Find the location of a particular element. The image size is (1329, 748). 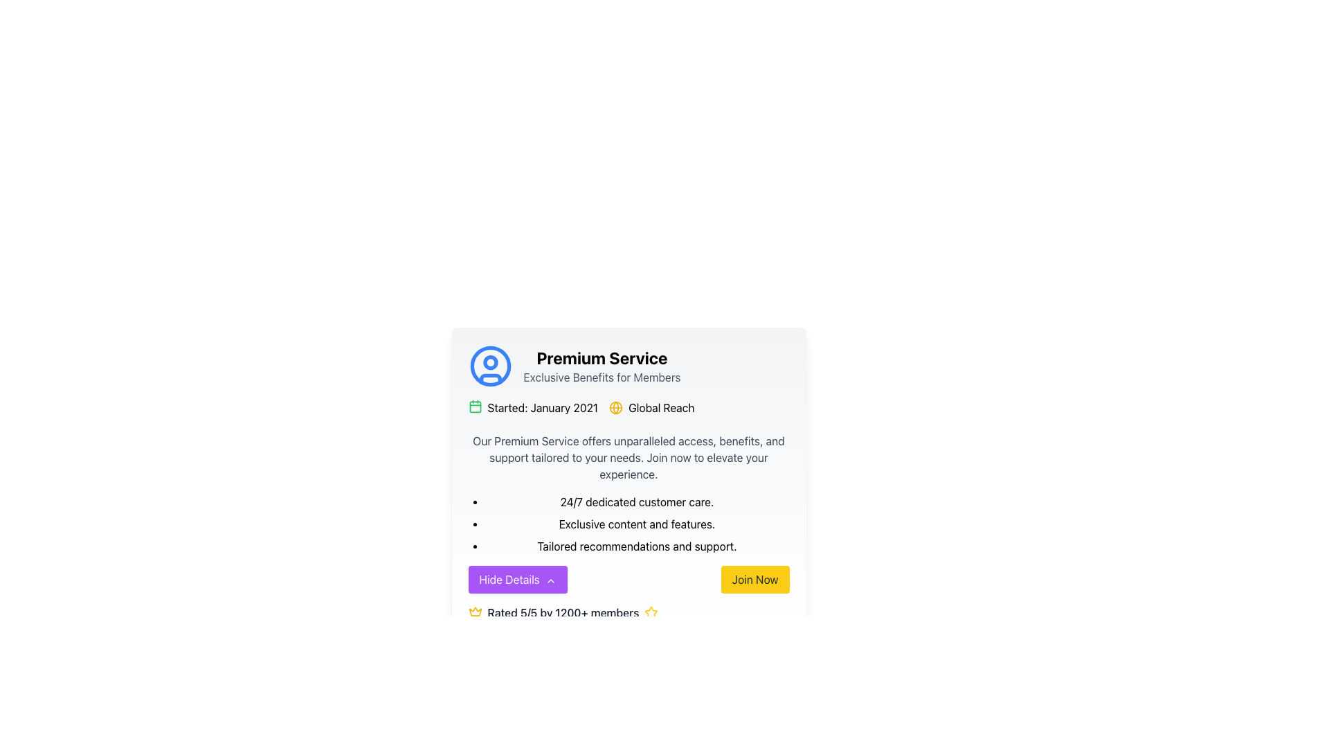

'Premium' text label located at the top of the card's content, which summarizes the service being offered is located at coordinates (602, 357).